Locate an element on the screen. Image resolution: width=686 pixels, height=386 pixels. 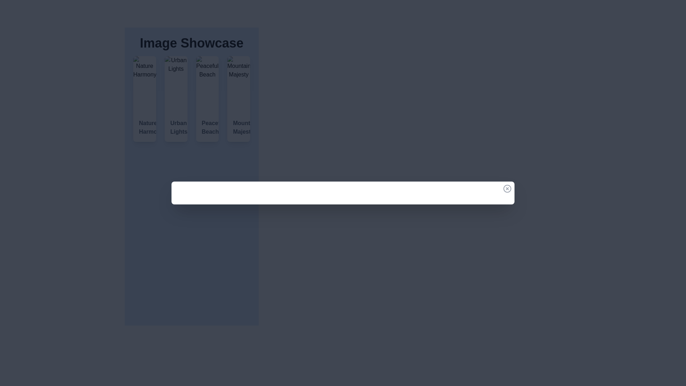
the bolded static text header reading 'Image Showcase', which is centered at the top of the interface above the image cards grid is located at coordinates (192, 43).